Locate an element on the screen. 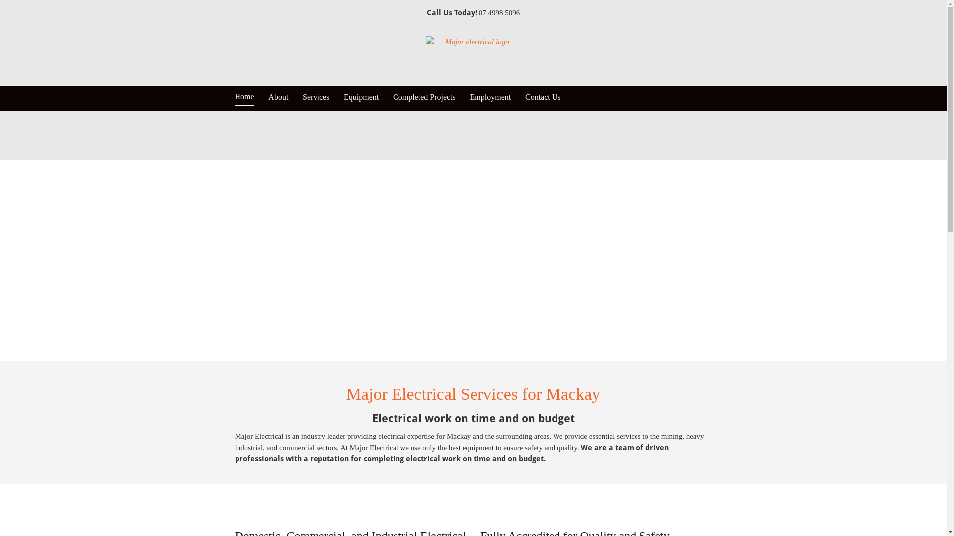 The height and width of the screenshot is (536, 954). 'Services' is located at coordinates (316, 98).